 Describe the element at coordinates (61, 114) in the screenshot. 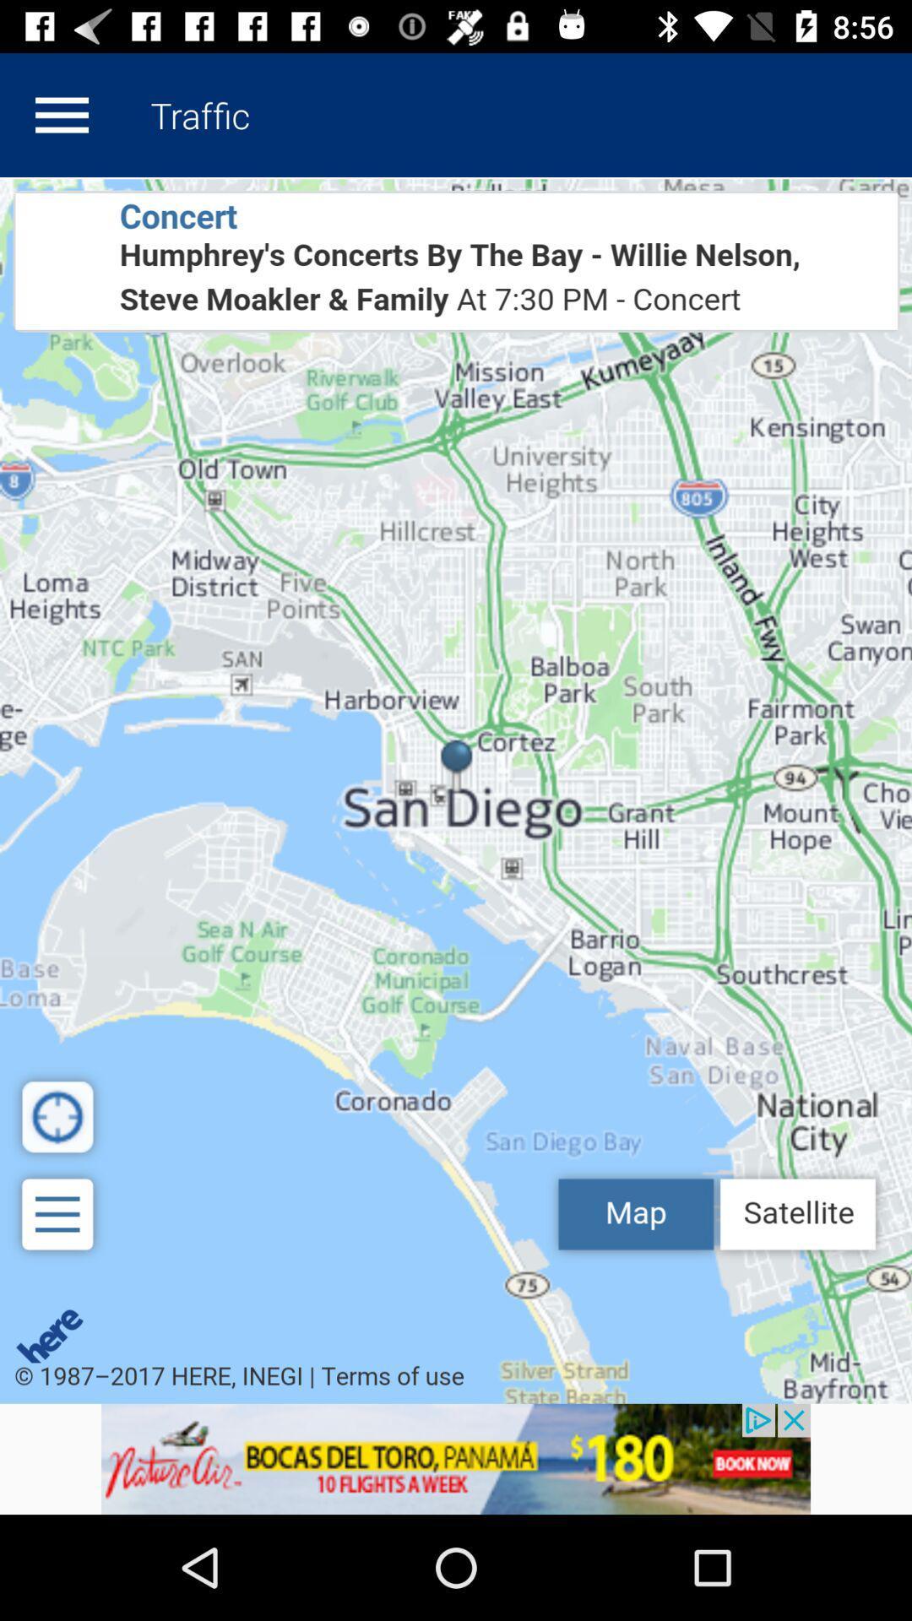

I see `the menu icon` at that location.